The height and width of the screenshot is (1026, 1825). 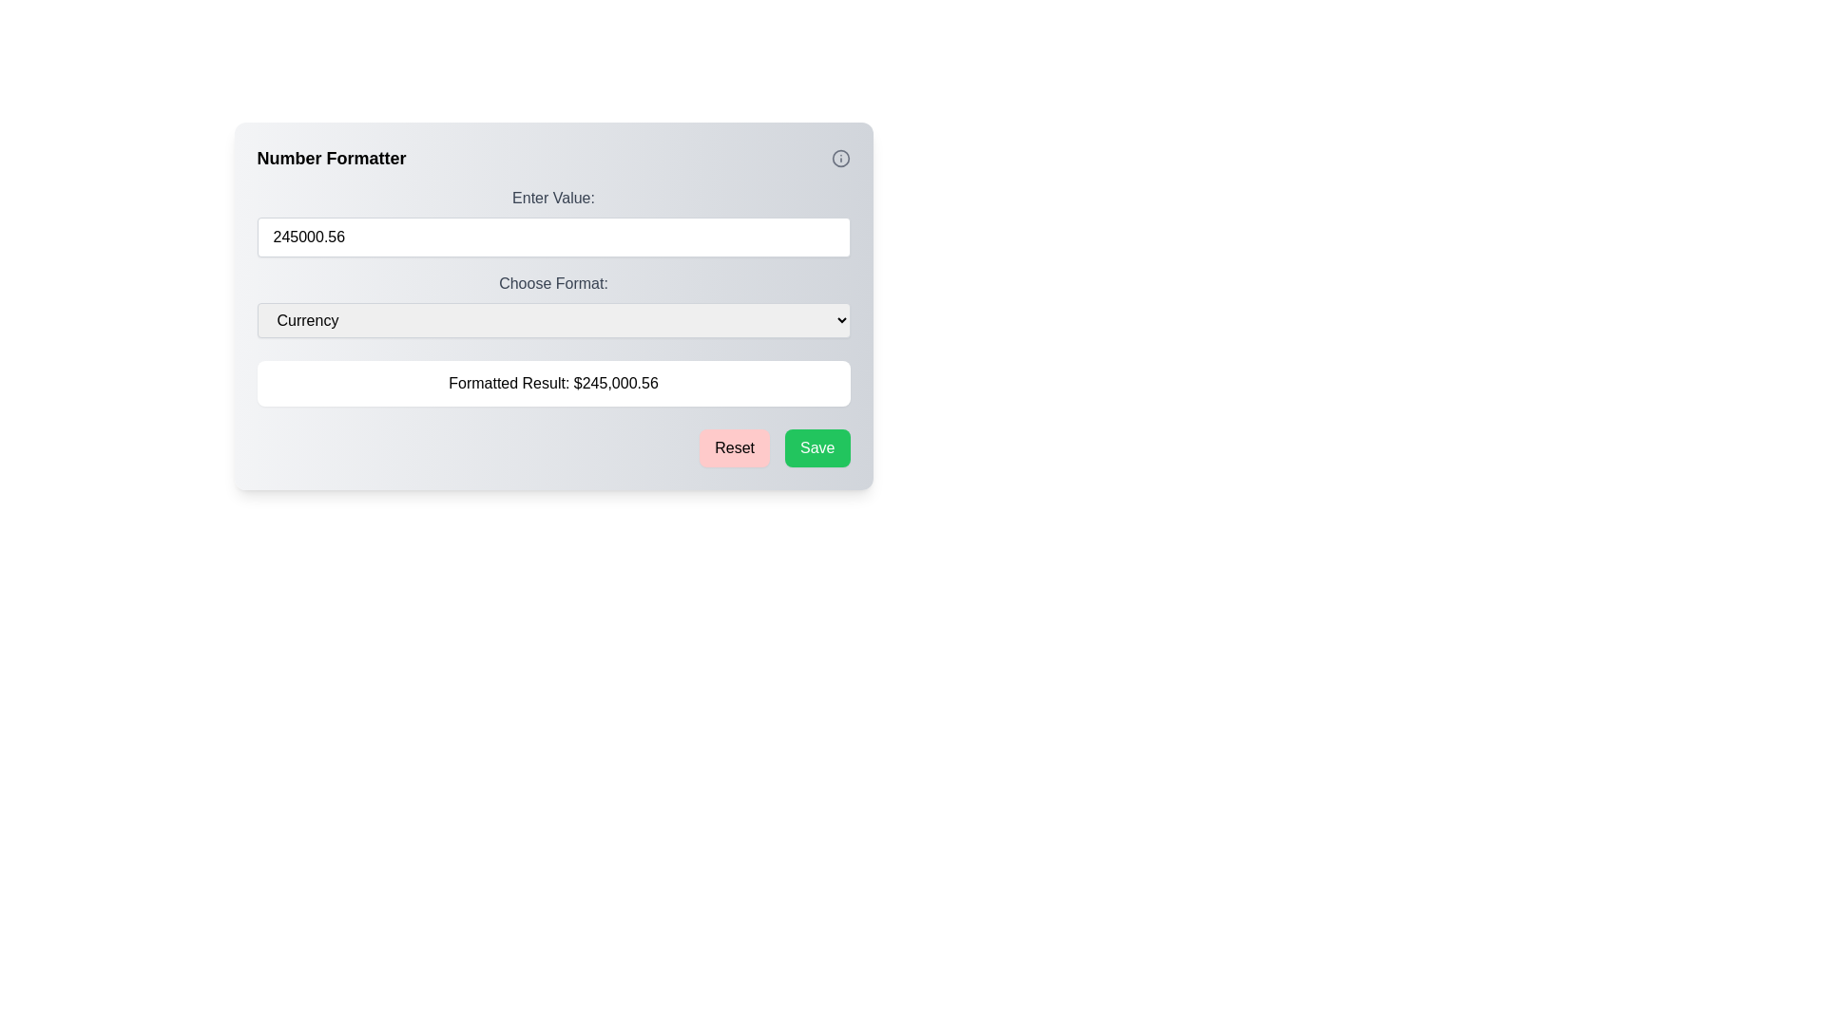 I want to click on the Information icon, a circular icon with a gray outline and an 'i' symbol, located in the top-right corner of the 'Number Formatter' header, so click(x=839, y=157).